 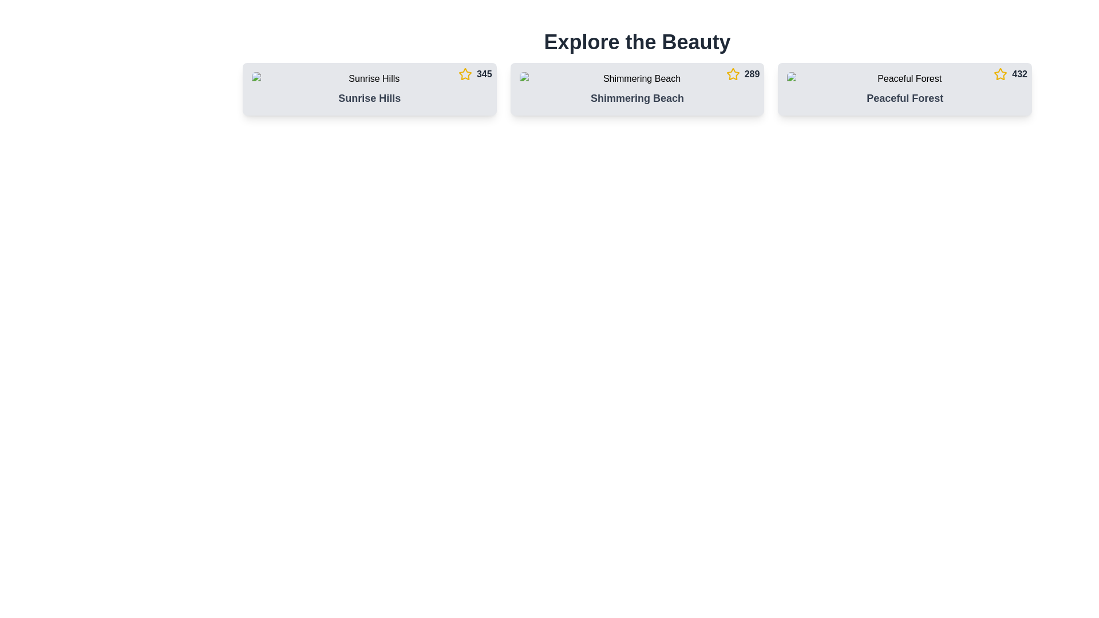 I want to click on the text label displaying 'Shimmering Beach' to trigger a visual effect, so click(x=637, y=98).